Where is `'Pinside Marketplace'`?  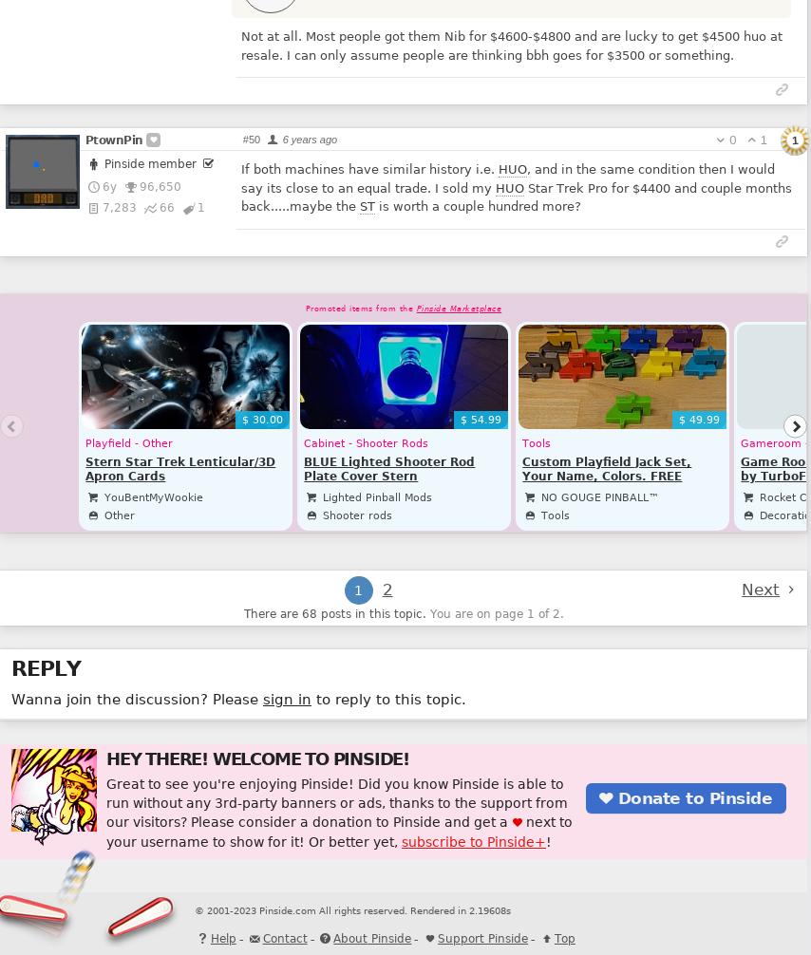
'Pinside Marketplace' is located at coordinates (459, 307).